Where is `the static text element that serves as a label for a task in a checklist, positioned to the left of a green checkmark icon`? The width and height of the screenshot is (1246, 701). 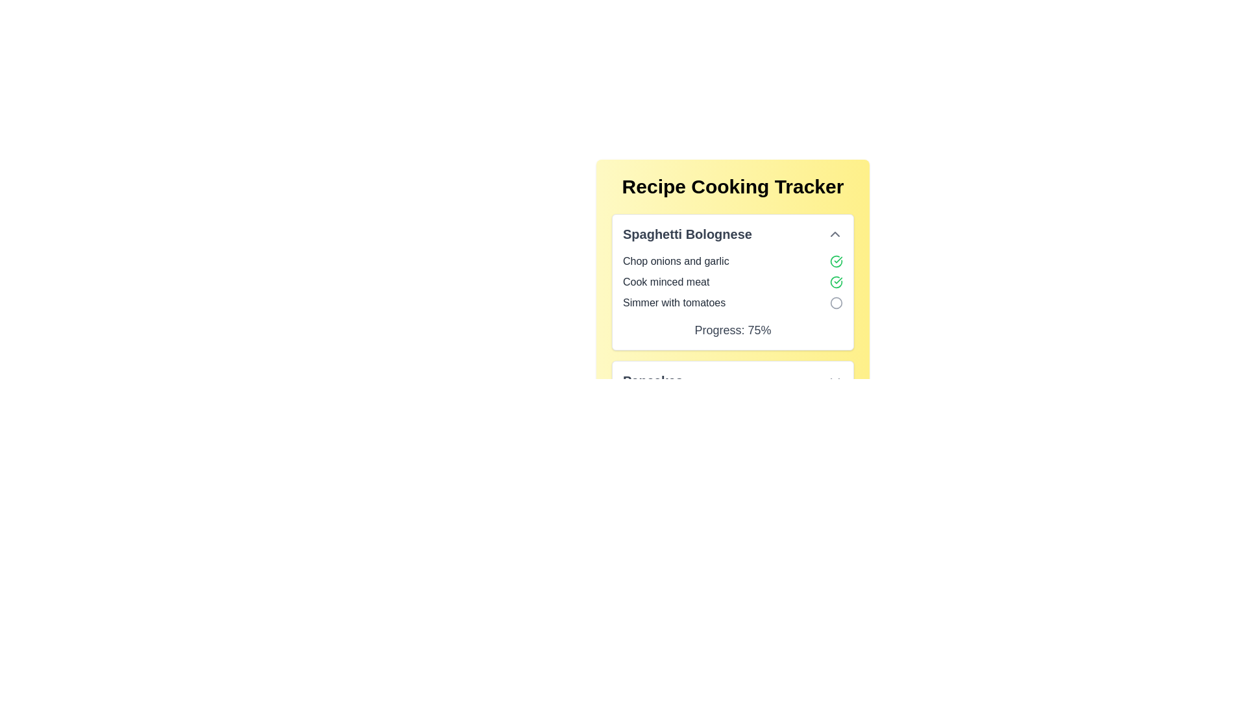
the static text element that serves as a label for a task in a checklist, positioned to the left of a green checkmark icon is located at coordinates (675, 261).